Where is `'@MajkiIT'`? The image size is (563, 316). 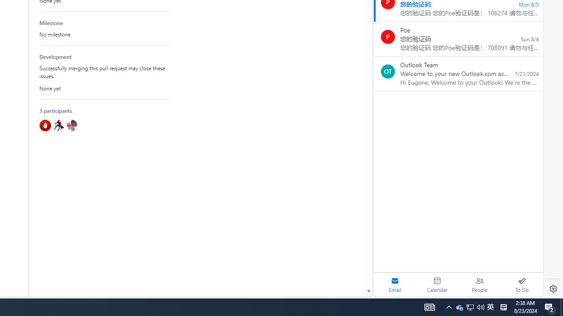 '@MajkiIT' is located at coordinates (71, 125).